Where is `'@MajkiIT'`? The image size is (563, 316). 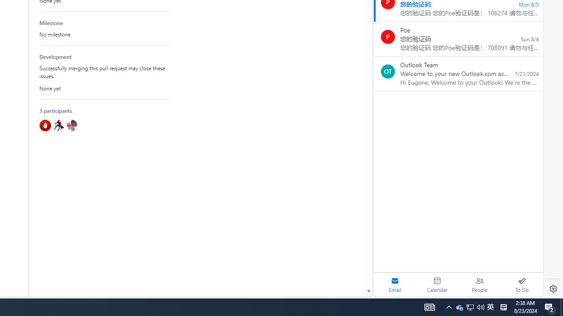 '@MajkiIT' is located at coordinates (71, 125).